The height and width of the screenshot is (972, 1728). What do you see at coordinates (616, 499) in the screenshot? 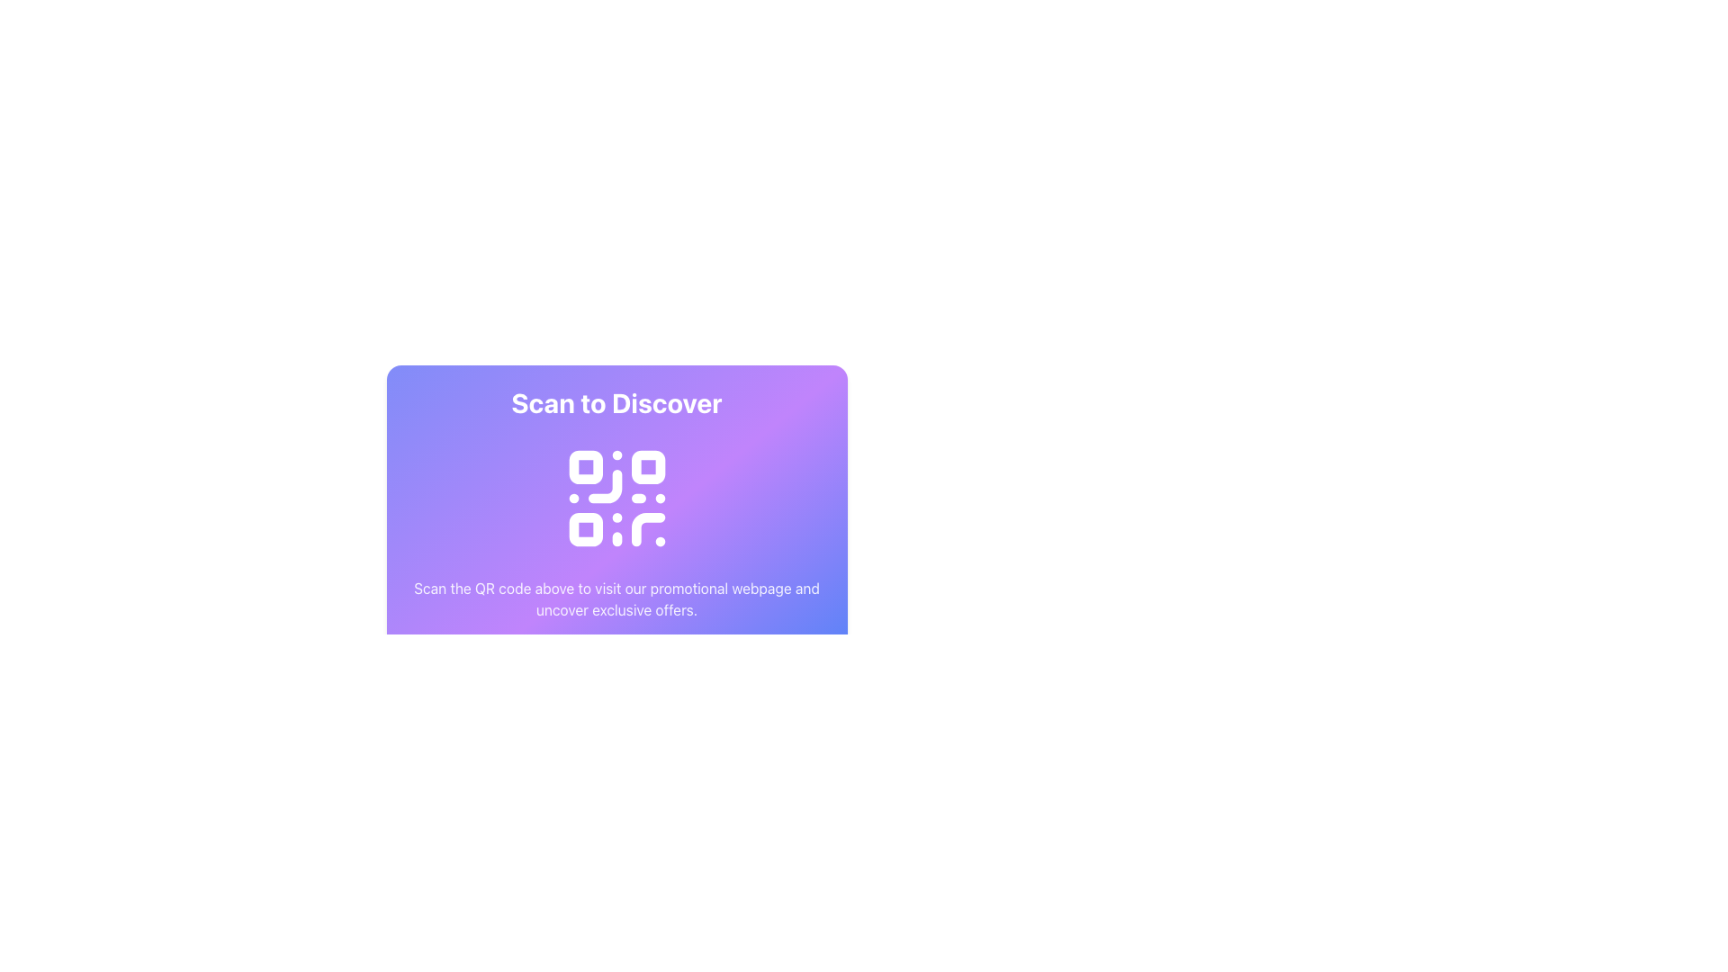
I see `the QR code SVG graphic which features a square grid layout with white blocks on a purple background` at bounding box center [616, 499].